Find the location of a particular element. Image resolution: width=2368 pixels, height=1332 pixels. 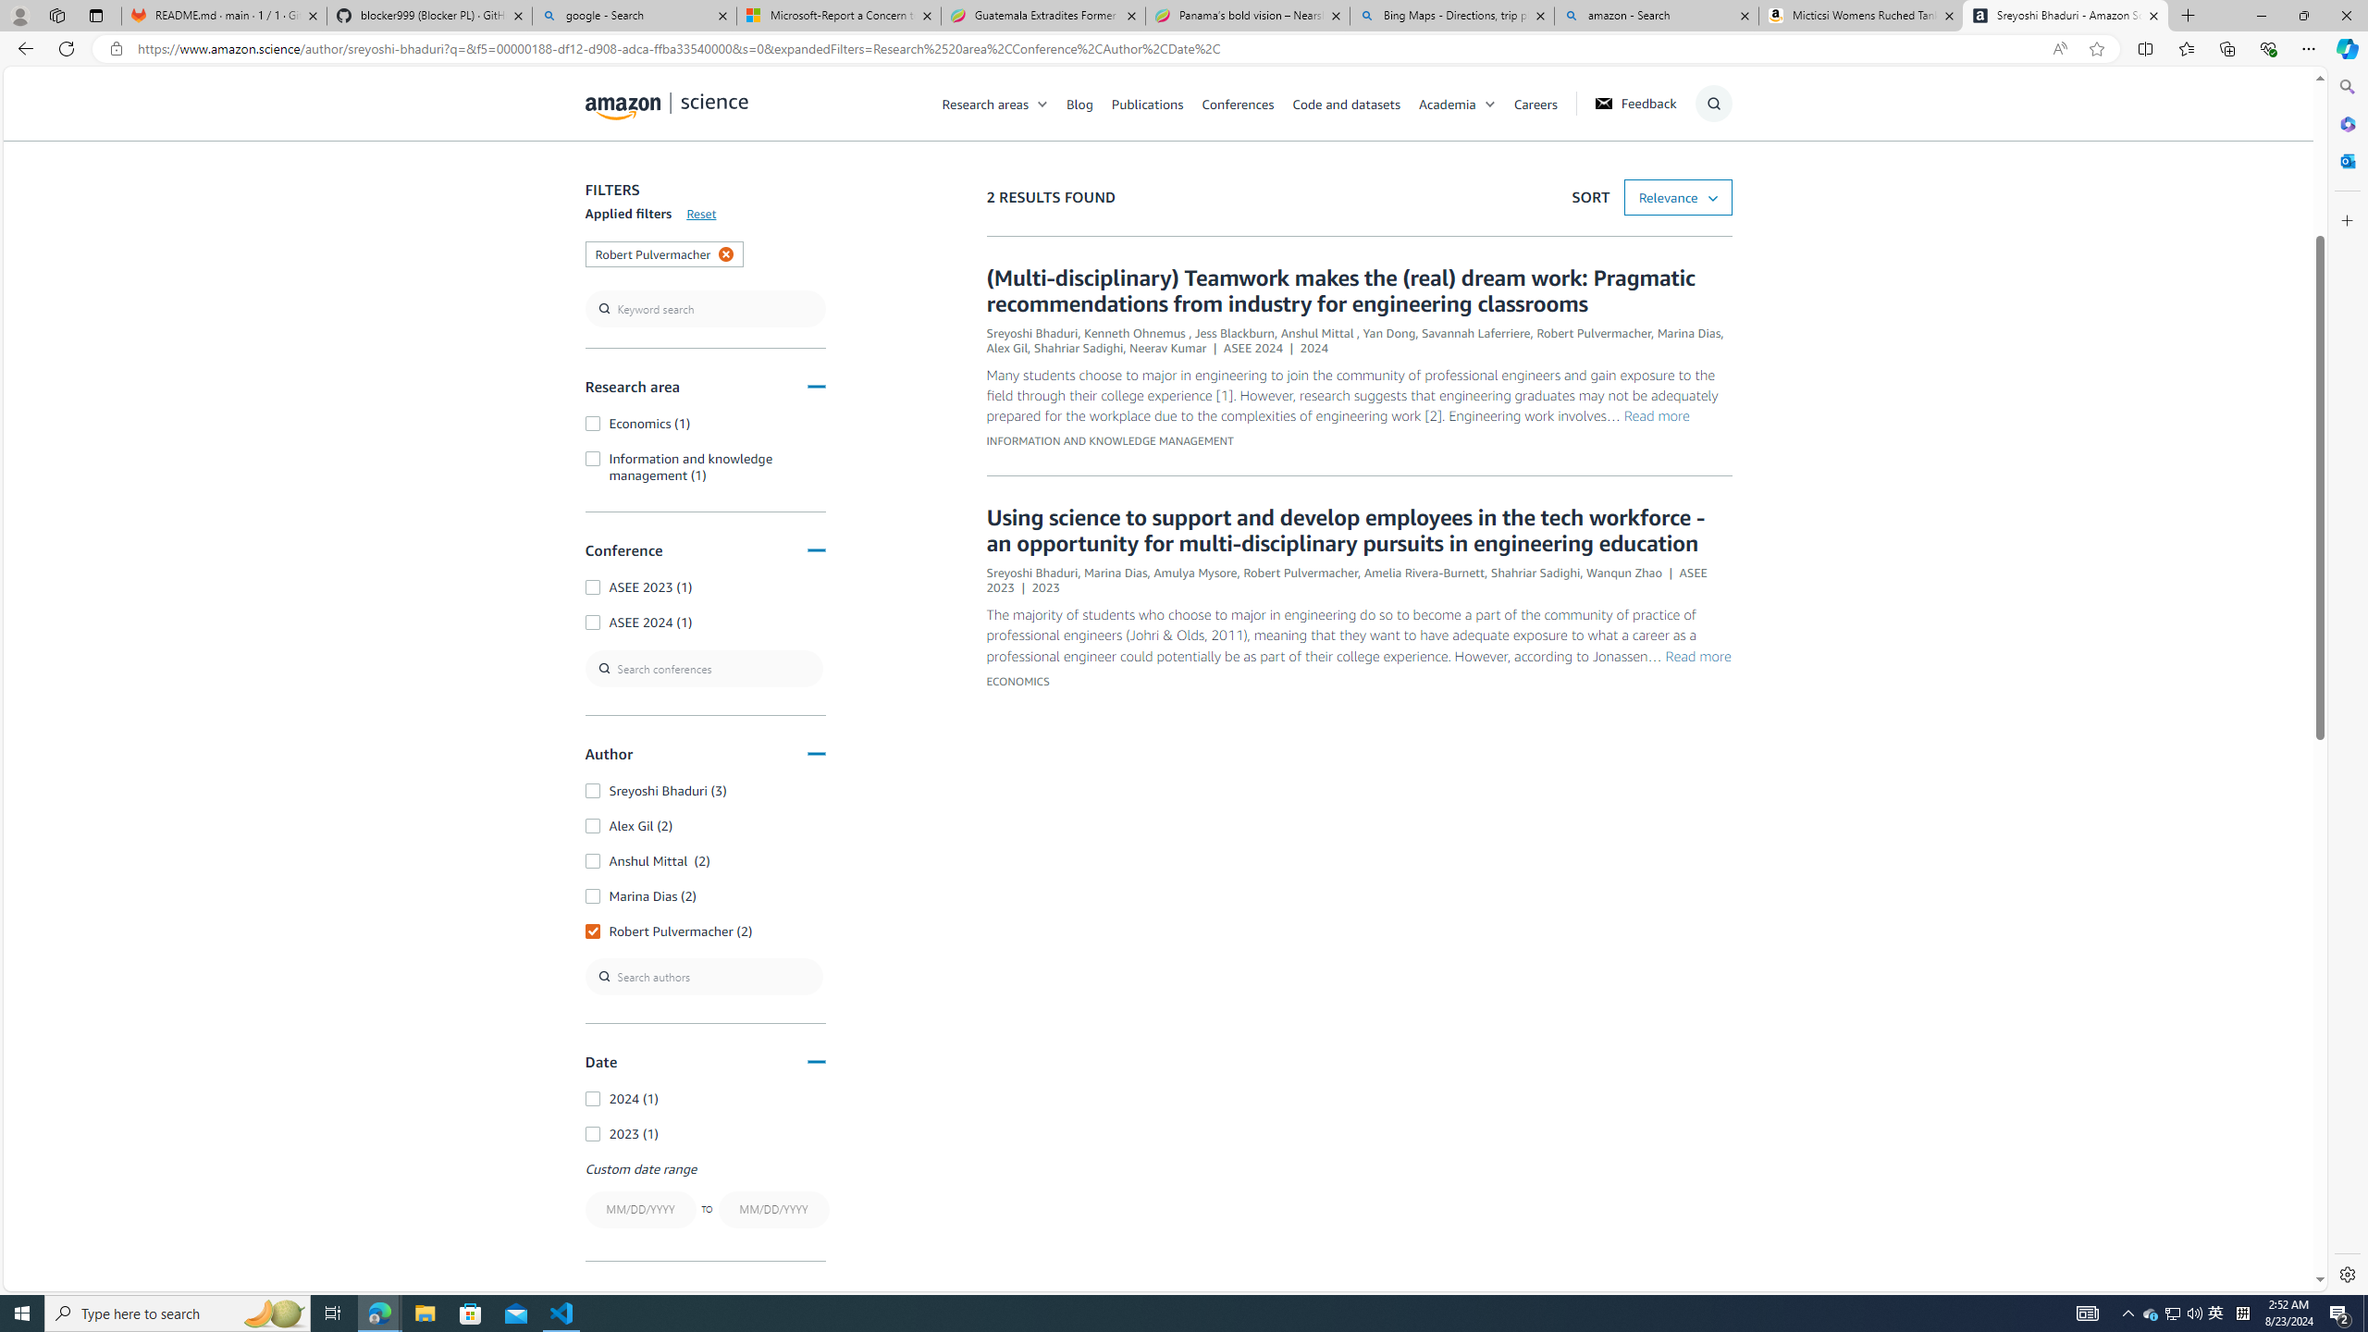

'Class: chevron' is located at coordinates (1489, 107).